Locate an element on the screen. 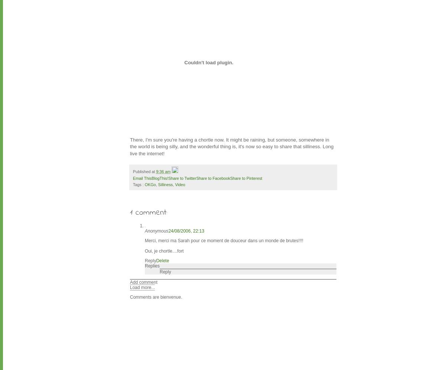 This screenshot has width=430, height=370. 'Tags :' is located at coordinates (133, 184).